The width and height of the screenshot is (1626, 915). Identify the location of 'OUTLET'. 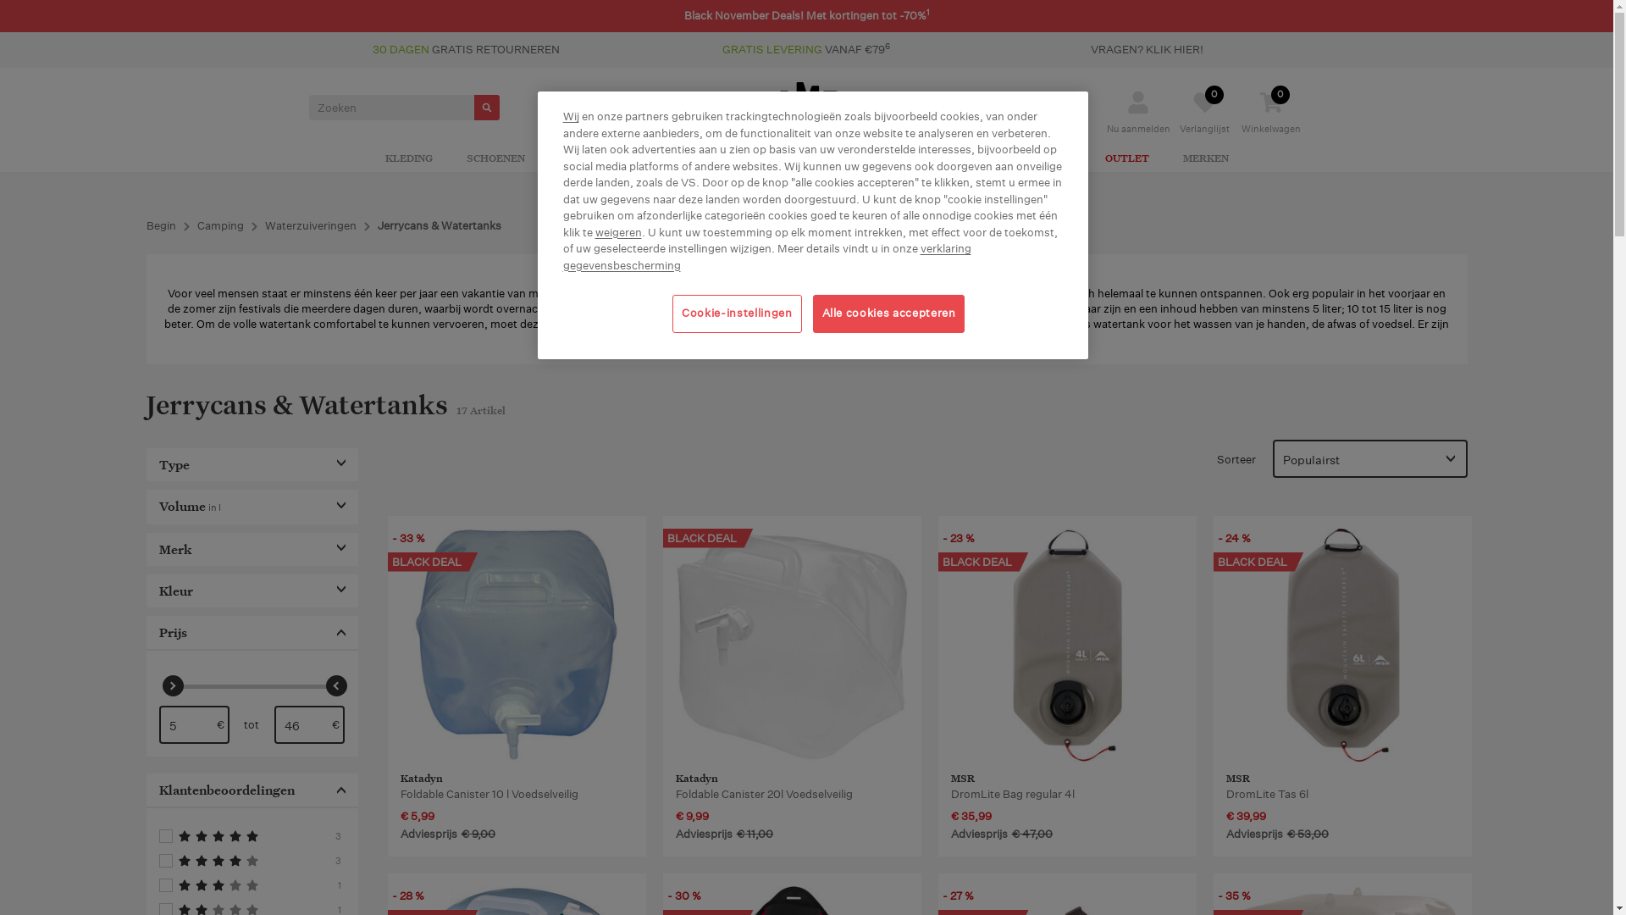
(1125, 159).